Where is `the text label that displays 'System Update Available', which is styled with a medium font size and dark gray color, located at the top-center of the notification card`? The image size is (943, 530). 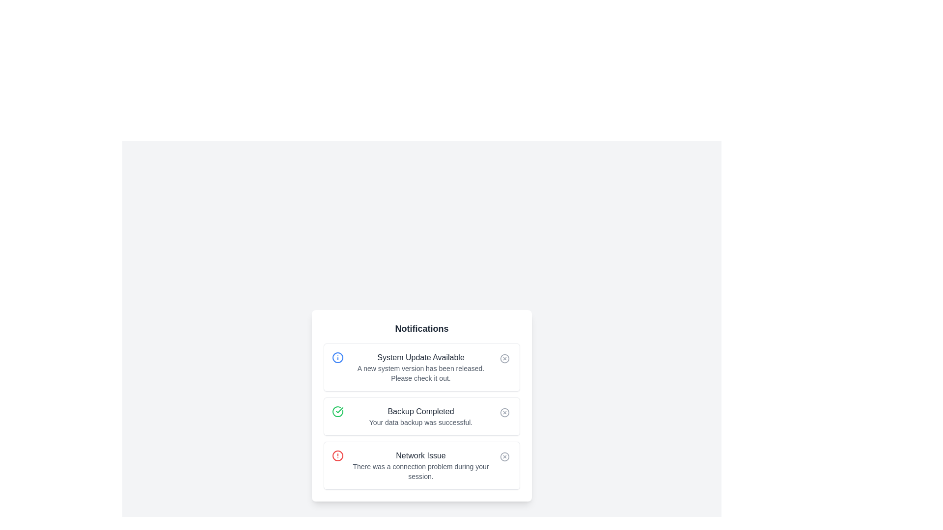
the text label that displays 'System Update Available', which is styled with a medium font size and dark gray color, located at the top-center of the notification card is located at coordinates (421, 358).